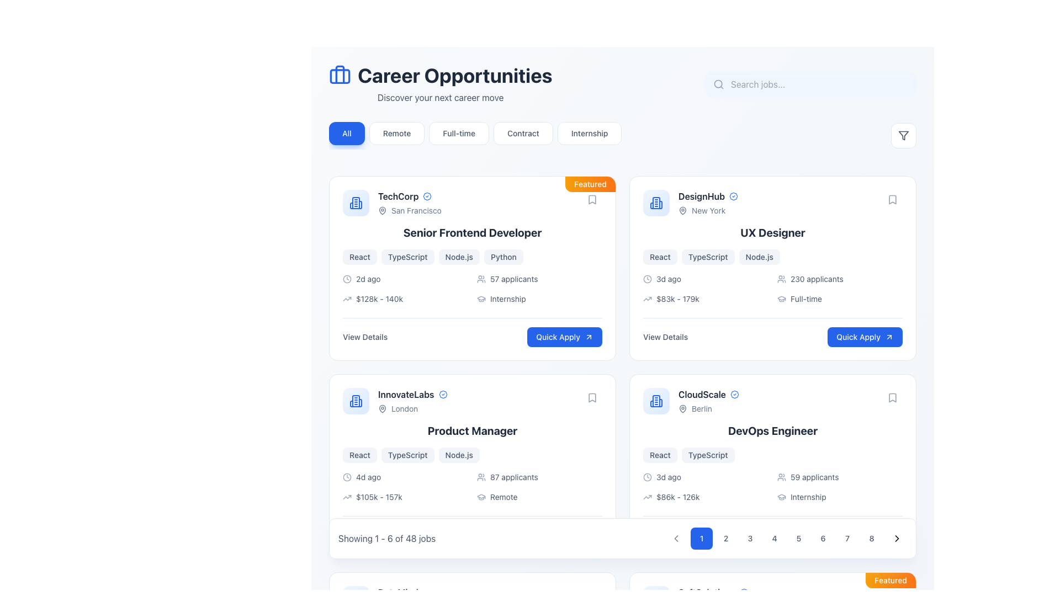  Describe the element at coordinates (734, 195) in the screenshot. I see `the indicator icon located to the right of the 'DesignHub' text in the second card of the job listing for 'UX Designer'` at that location.